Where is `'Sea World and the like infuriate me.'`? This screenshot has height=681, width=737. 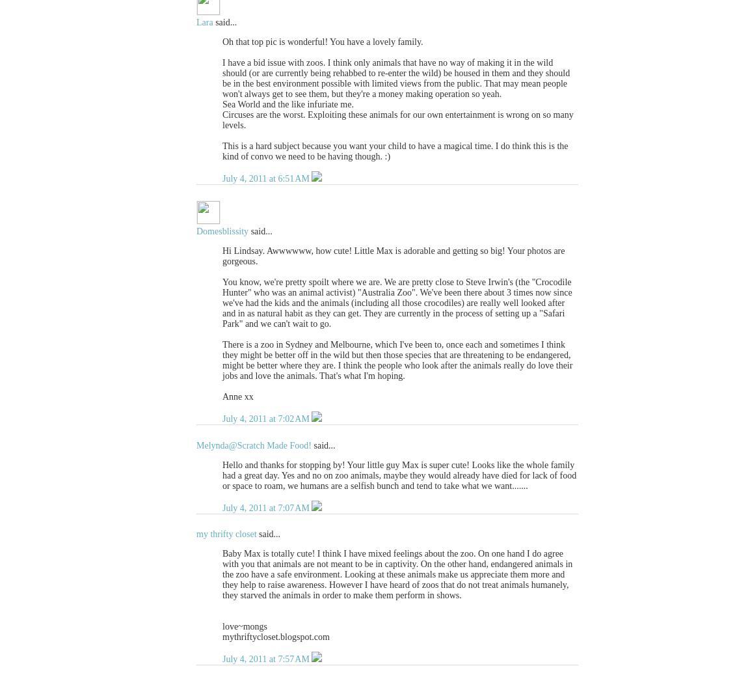
'Sea World and the like infuriate me.' is located at coordinates (222, 104).